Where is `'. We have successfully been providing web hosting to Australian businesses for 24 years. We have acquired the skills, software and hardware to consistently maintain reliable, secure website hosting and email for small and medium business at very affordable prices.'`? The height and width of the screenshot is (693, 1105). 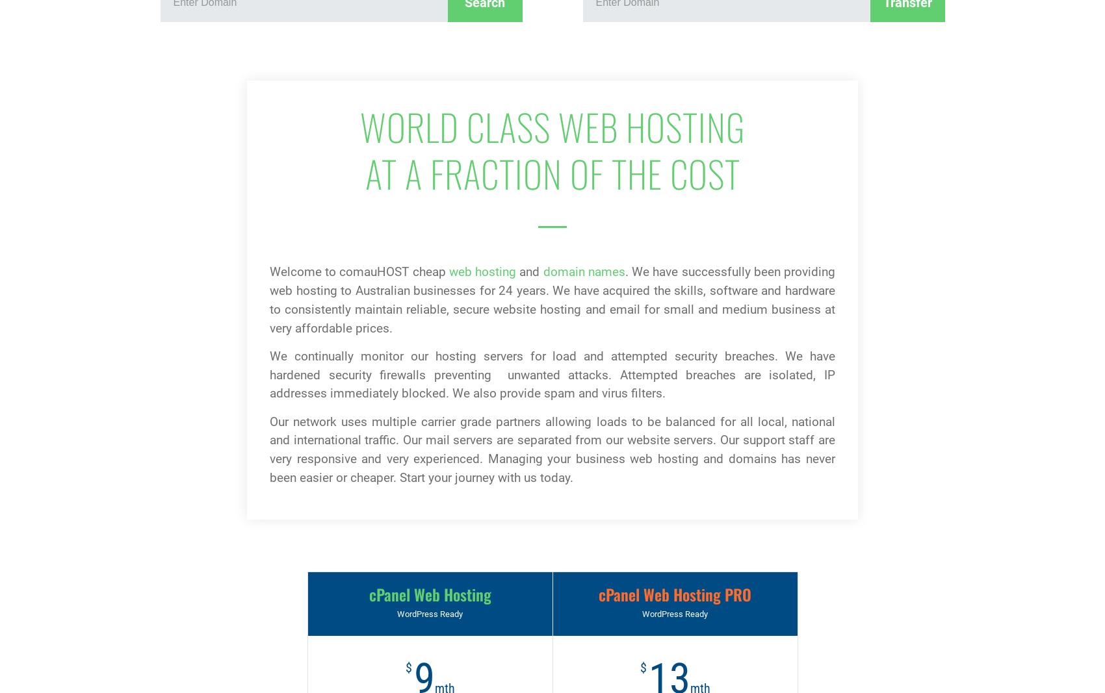 '. We have successfully been providing web hosting to Australian businesses for 24 years. We have acquired the skills, software and hardware to consistently maintain reliable, secure website hosting and email for small and medium business at very affordable prices.' is located at coordinates (552, 299).